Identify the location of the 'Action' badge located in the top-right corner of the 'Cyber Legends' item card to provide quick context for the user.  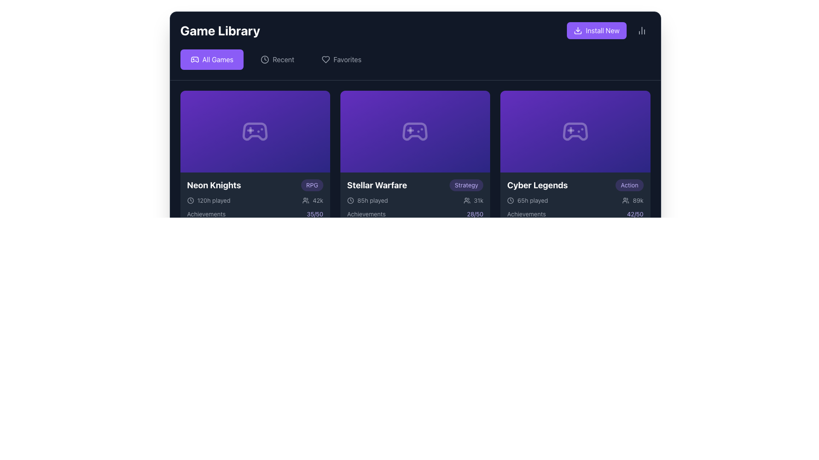
(629, 185).